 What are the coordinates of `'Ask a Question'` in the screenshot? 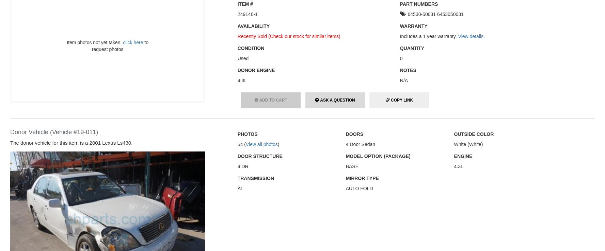 It's located at (336, 99).